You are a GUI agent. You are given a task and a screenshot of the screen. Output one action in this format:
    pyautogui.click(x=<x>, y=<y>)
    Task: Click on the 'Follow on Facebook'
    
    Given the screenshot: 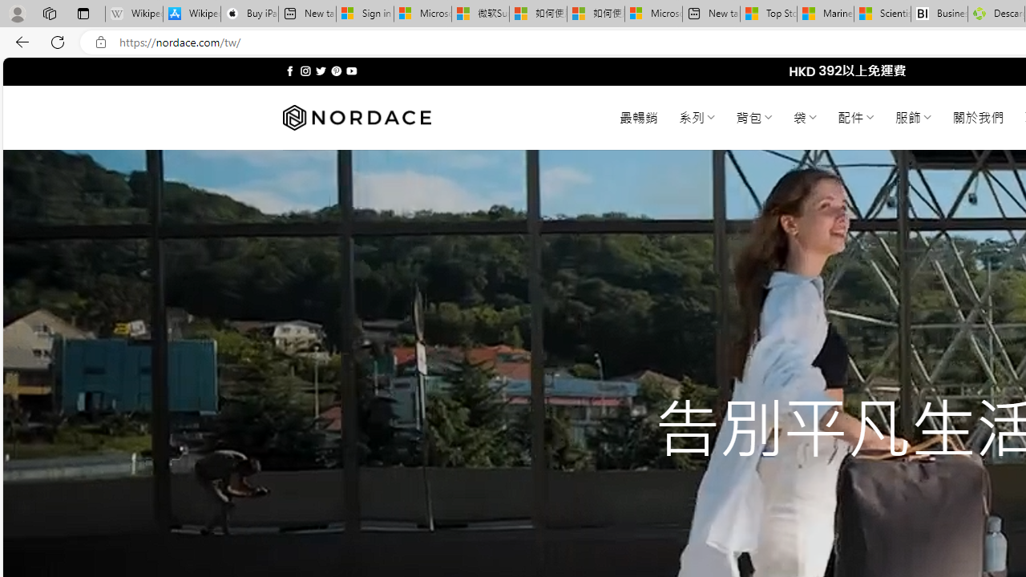 What is the action you would take?
    pyautogui.click(x=290, y=71)
    